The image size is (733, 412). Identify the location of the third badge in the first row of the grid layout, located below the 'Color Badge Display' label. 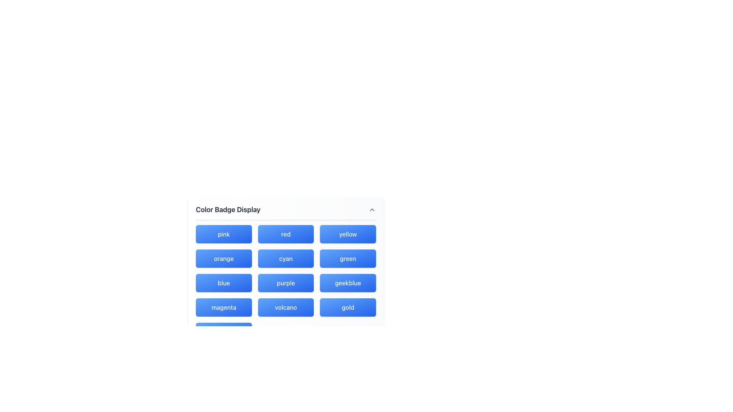
(347, 233).